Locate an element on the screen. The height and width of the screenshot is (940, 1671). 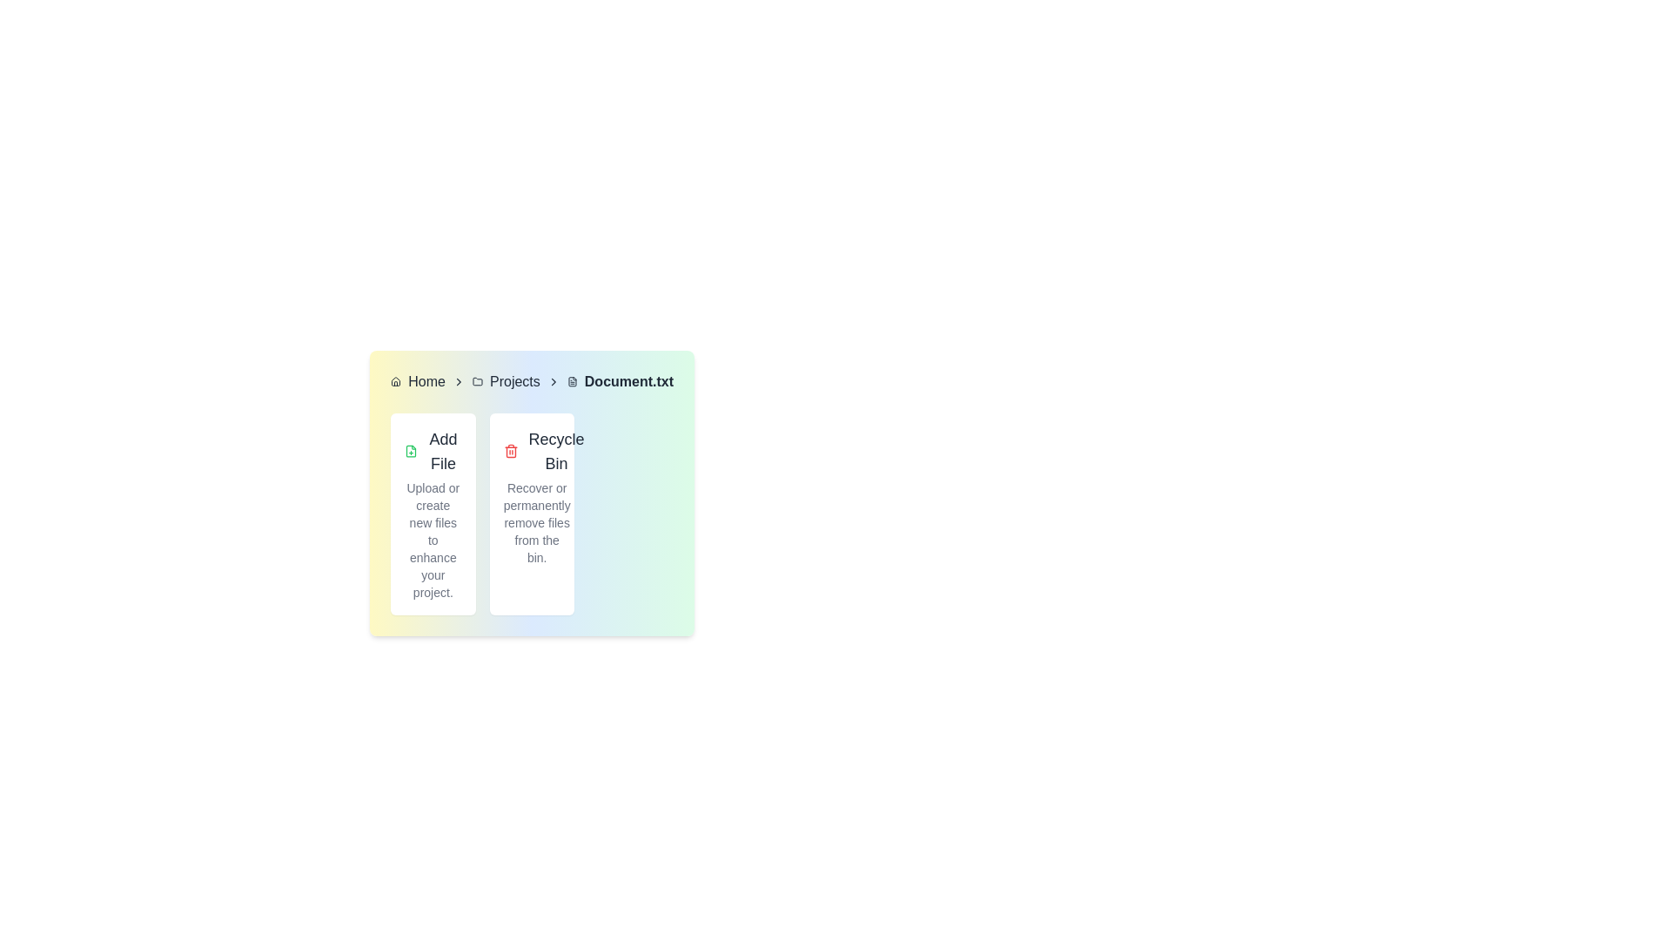
the document file icon located at the far right end of the breadcrumb navigation bar, adjacent to 'Document.txt' is located at coordinates (572, 381).